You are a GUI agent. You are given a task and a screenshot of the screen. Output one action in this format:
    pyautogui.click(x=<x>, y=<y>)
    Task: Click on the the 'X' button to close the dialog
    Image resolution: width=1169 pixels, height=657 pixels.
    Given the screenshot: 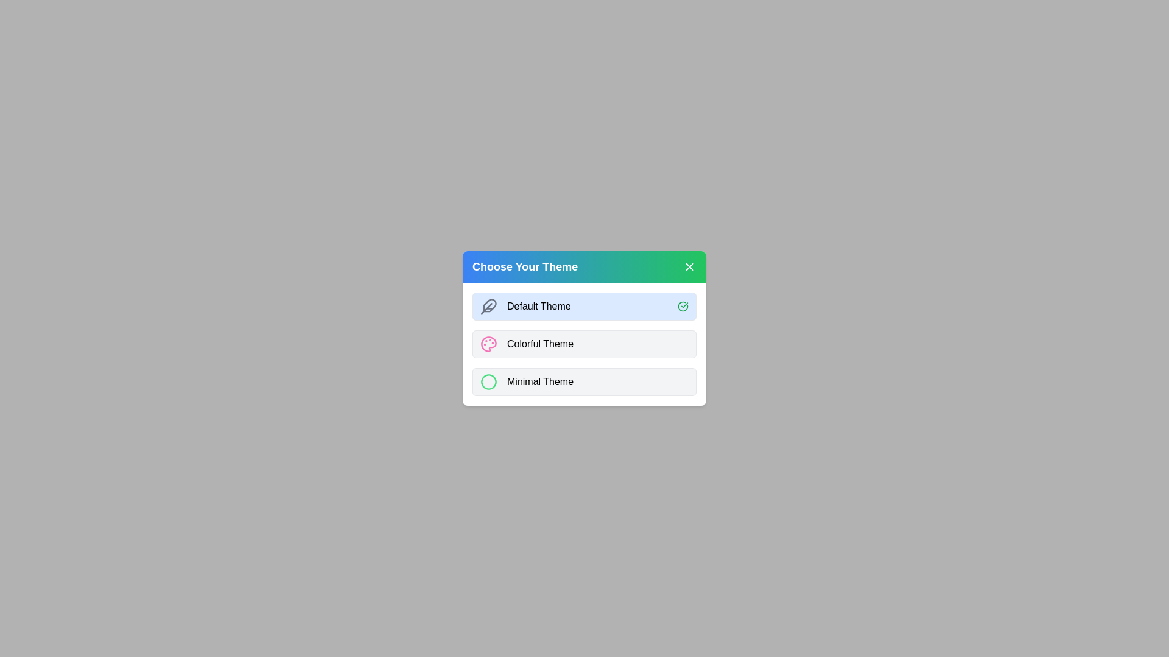 What is the action you would take?
    pyautogui.click(x=689, y=266)
    